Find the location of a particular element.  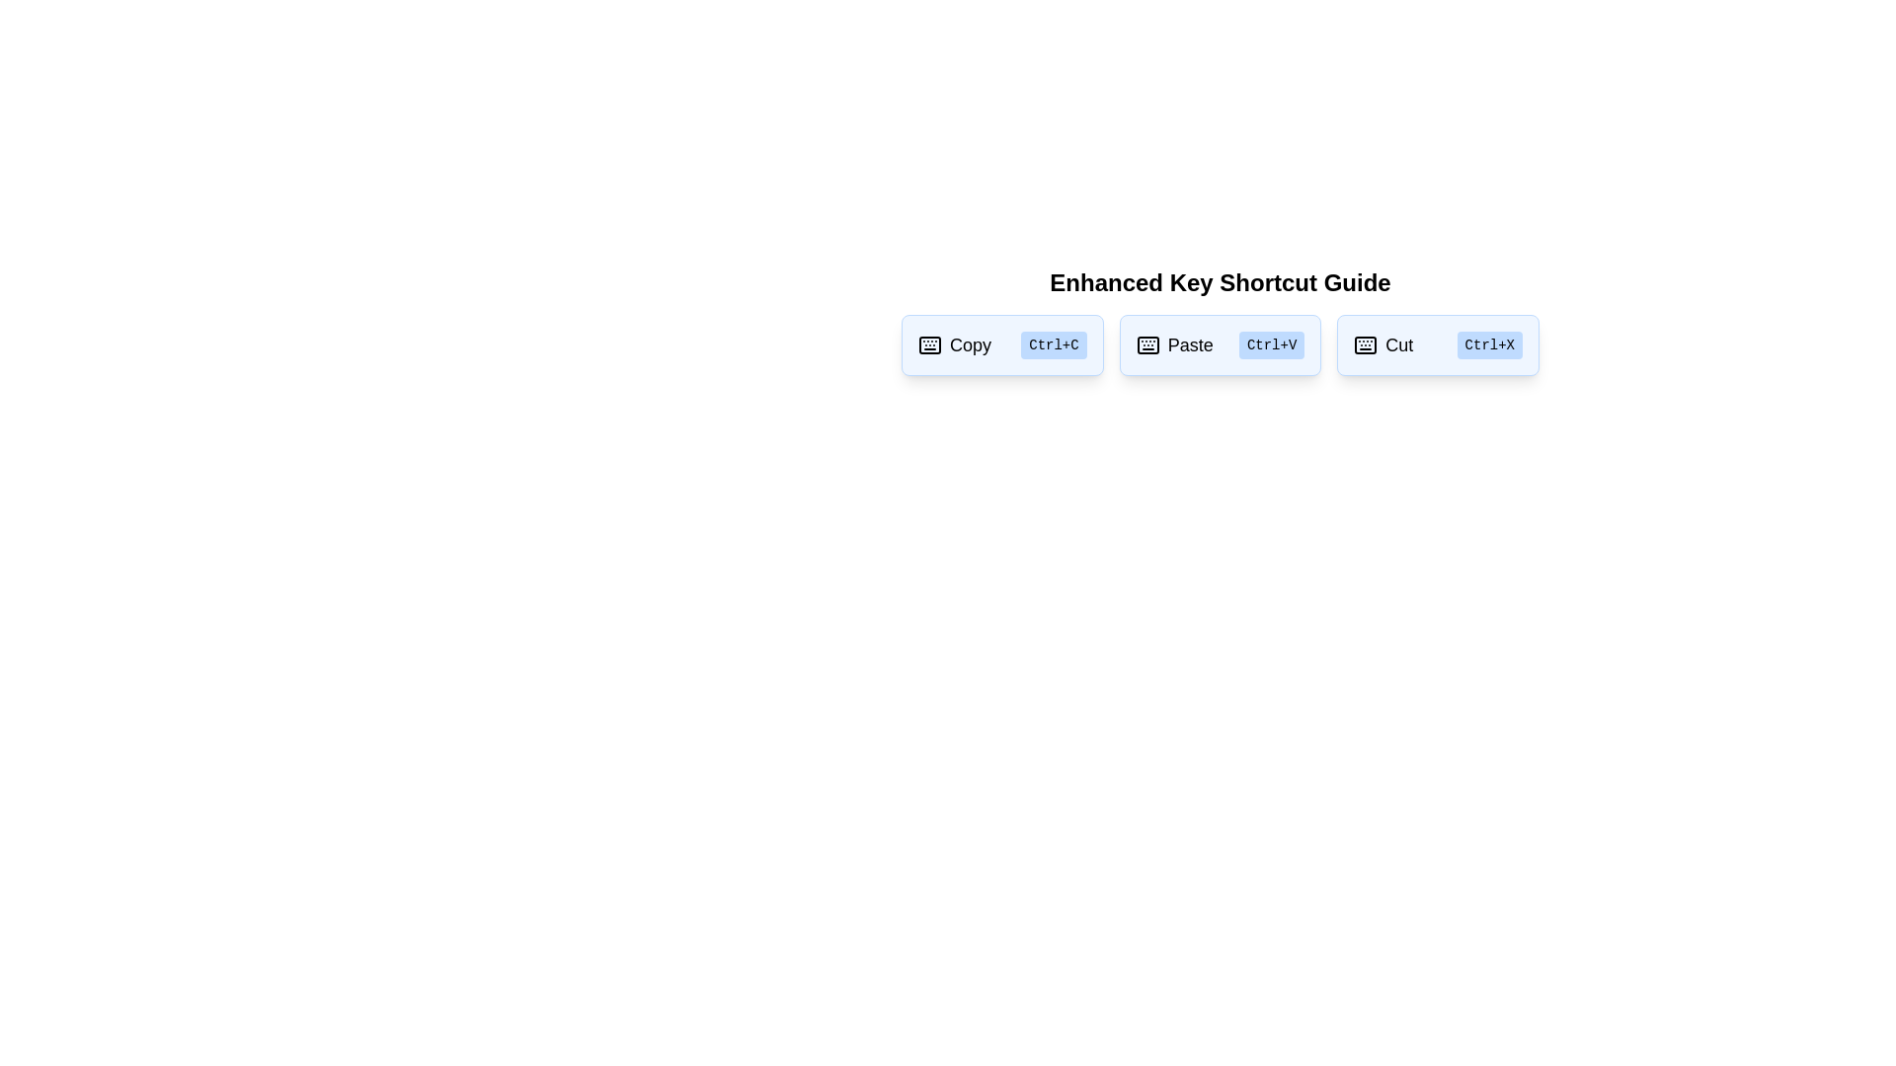

the minimalist keyboard icon located to the left of the 'Cut' button is located at coordinates (1365, 344).